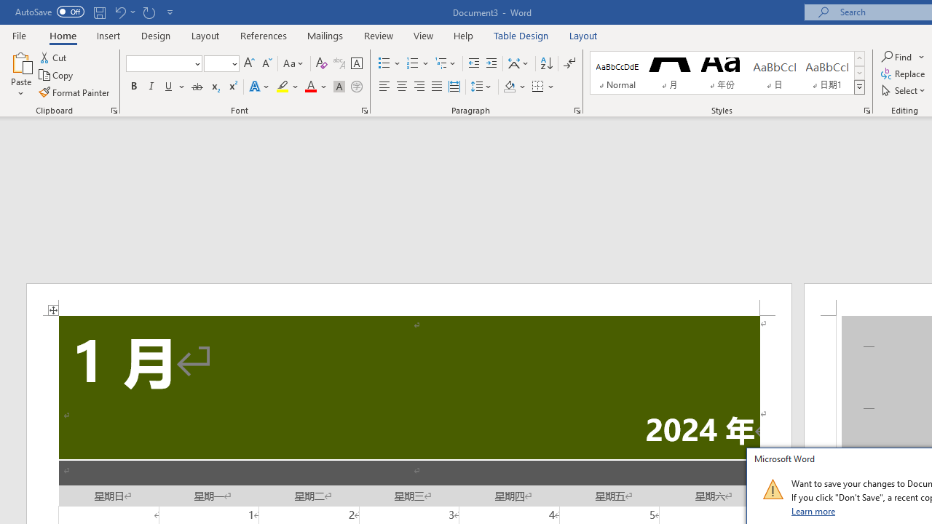 This screenshot has width=932, height=524. Describe the element at coordinates (214, 87) in the screenshot. I see `'Subscript'` at that location.